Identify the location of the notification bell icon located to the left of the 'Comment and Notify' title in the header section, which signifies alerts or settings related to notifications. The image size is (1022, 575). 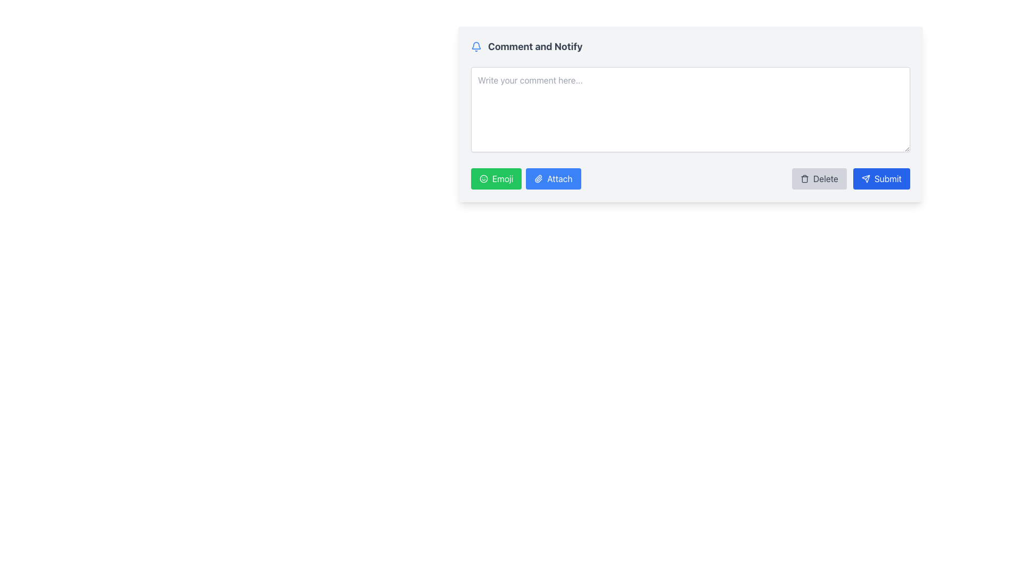
(475, 46).